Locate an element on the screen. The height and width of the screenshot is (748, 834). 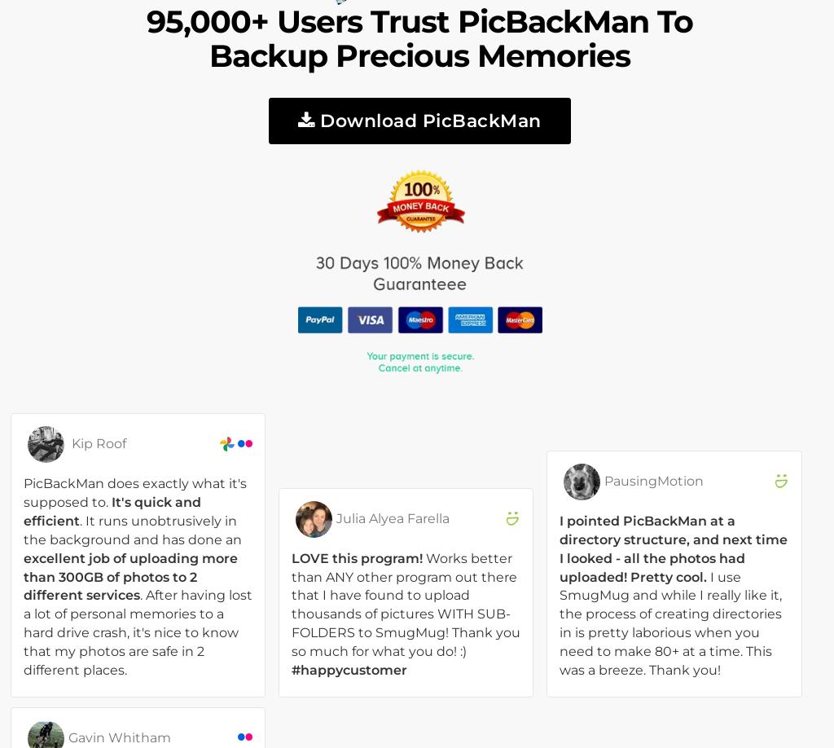
'PicBackMan does exactly what it's supposed to.' is located at coordinates (134, 491).